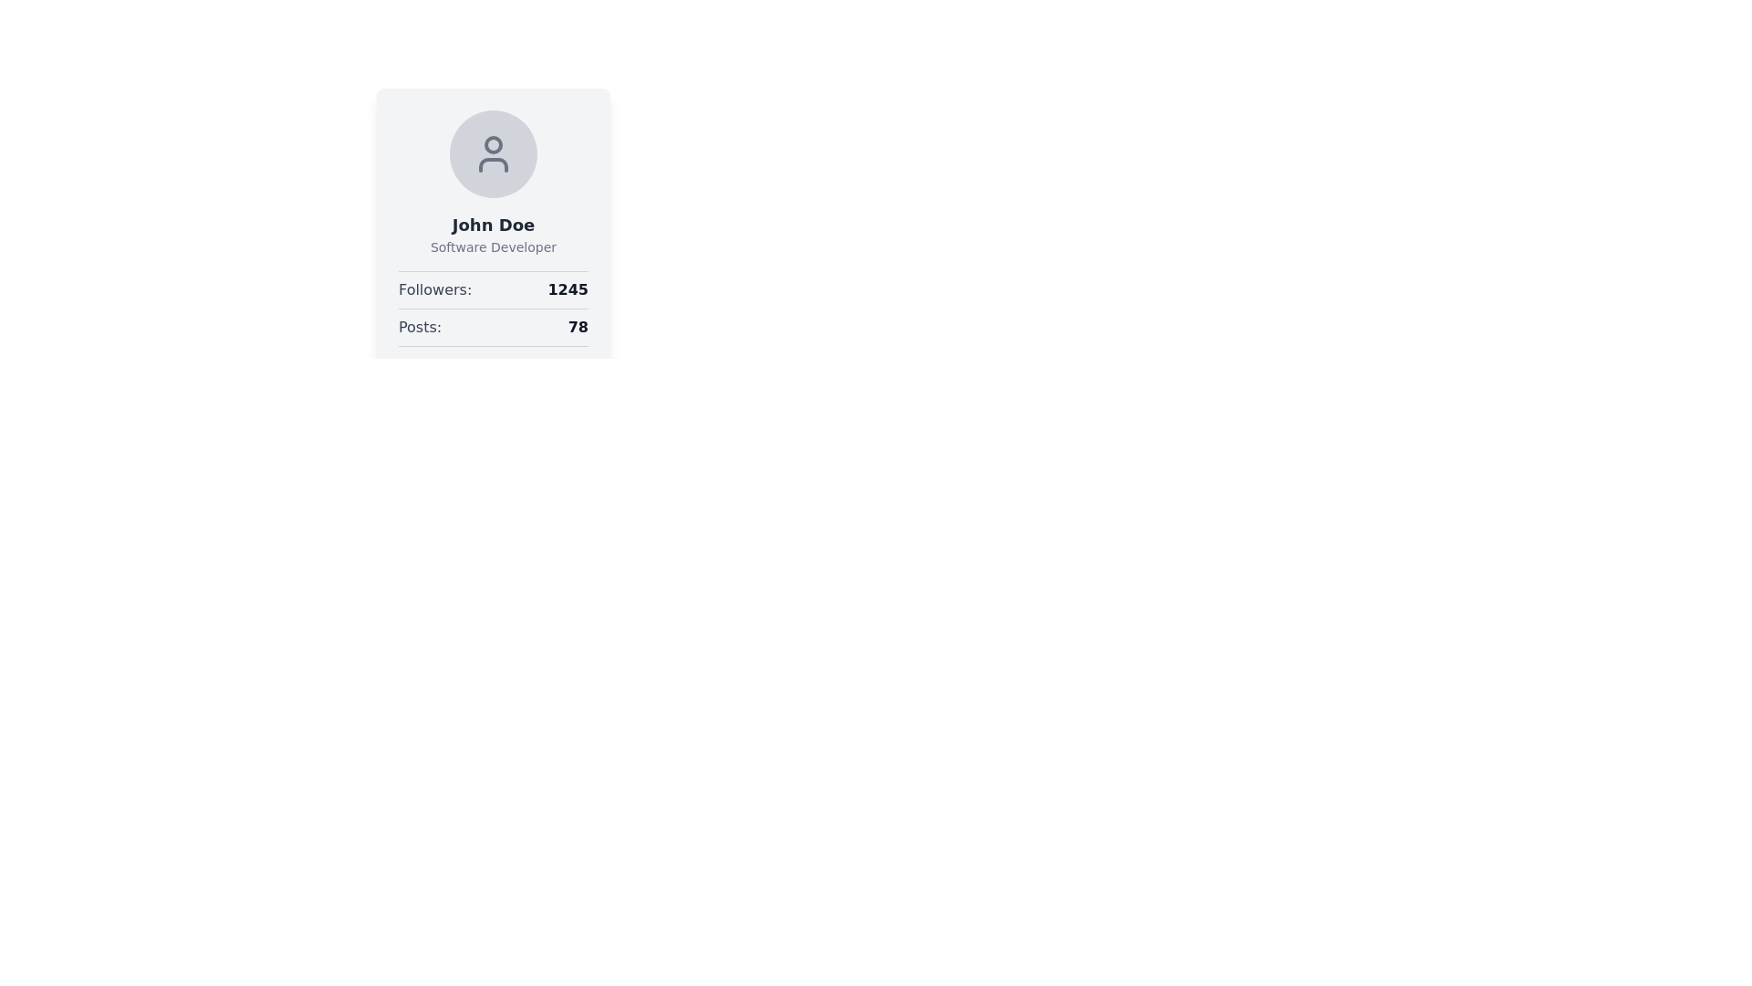  Describe the element at coordinates (434, 288) in the screenshot. I see `the static text label that reads 'Followers:' in a medium-sized, grey font, located in the summary section below the user's name and avatar, and left-aligned with the numerical value '1245'` at that location.